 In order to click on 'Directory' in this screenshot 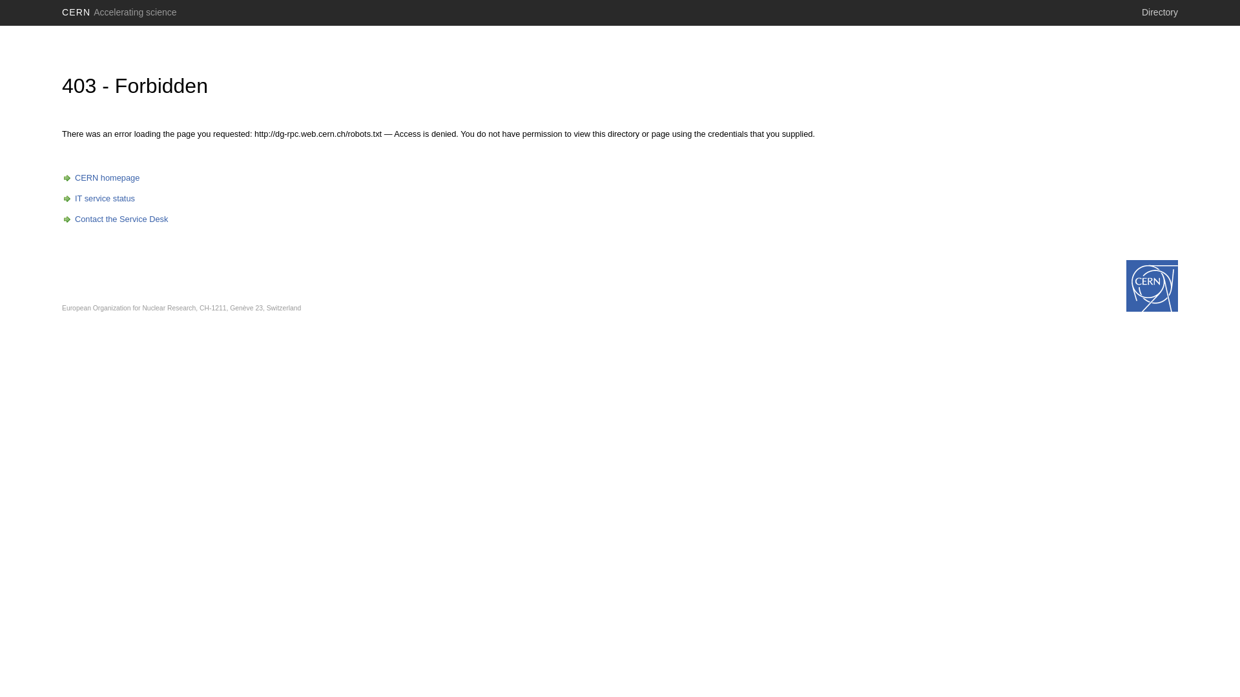, I will do `click(1159, 12)`.